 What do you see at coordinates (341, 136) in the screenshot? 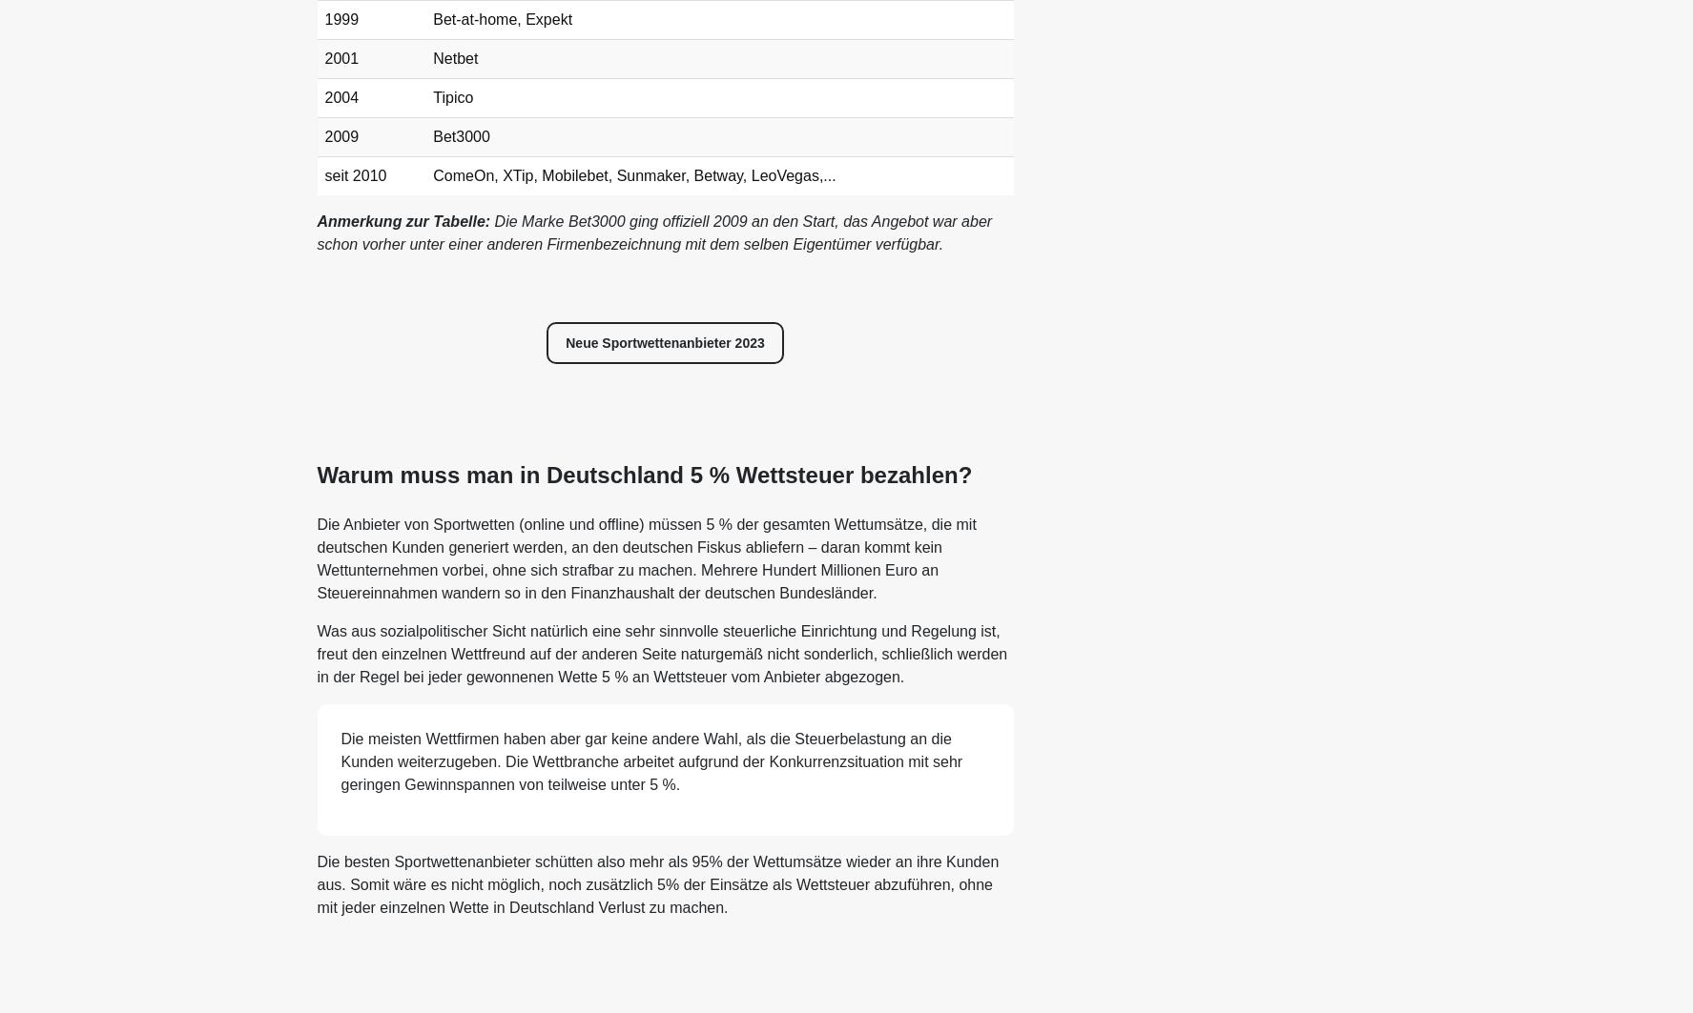
I see `'2009'` at bounding box center [341, 136].